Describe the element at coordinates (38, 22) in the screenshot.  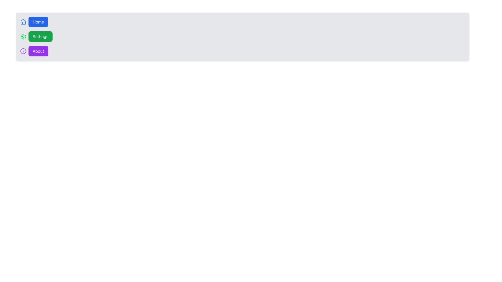
I see `the 'Home' button with a blue background and rounded edges, located next to a blue house icon` at that location.